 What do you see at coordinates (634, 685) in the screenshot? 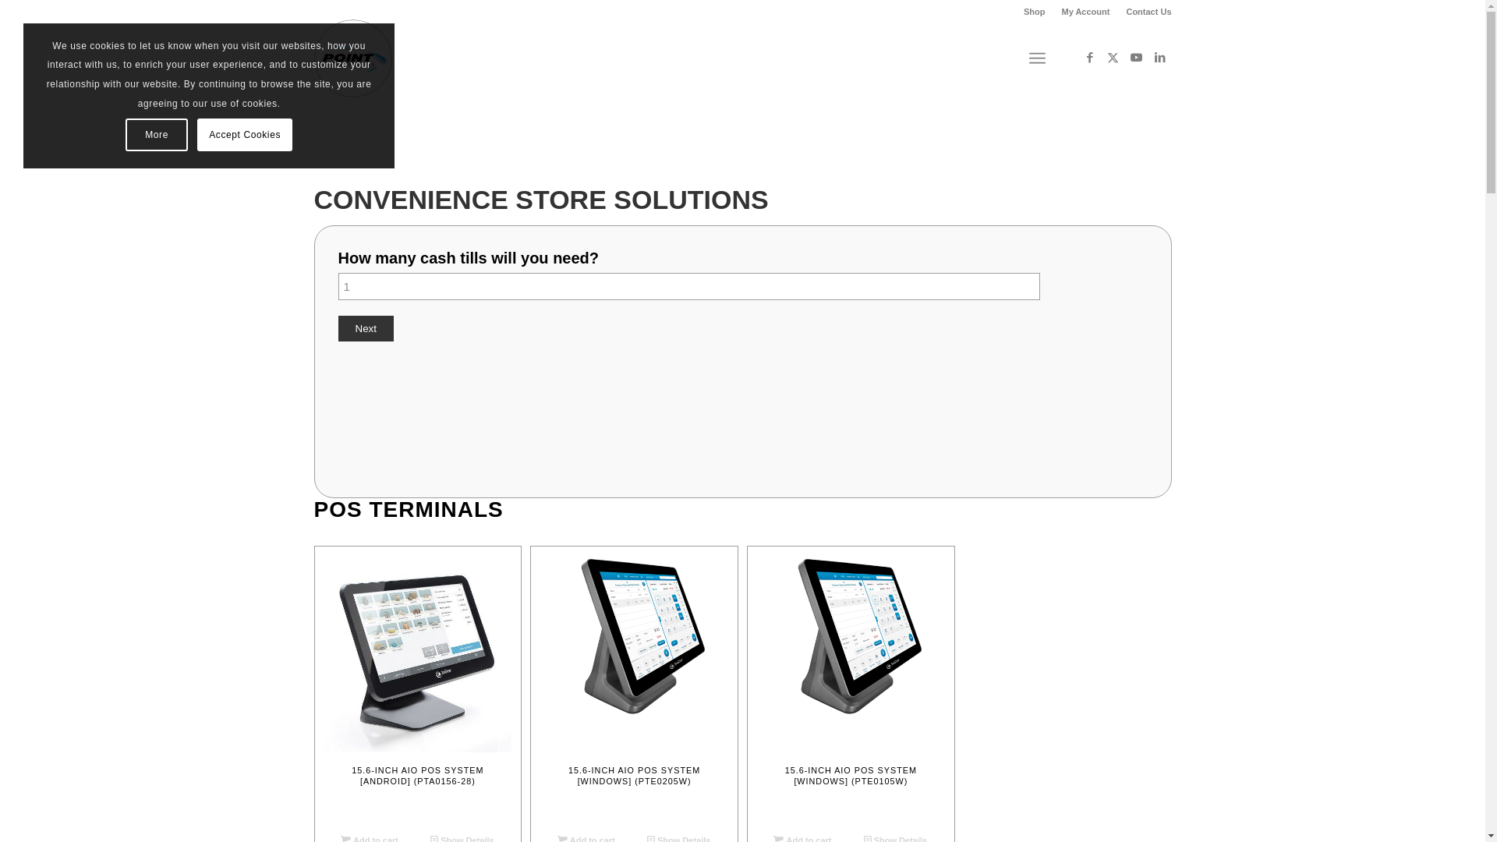
I see `'15.6-INCH AIO POS SYSTEM [WINDOWS] (PTE0205W)'` at bounding box center [634, 685].